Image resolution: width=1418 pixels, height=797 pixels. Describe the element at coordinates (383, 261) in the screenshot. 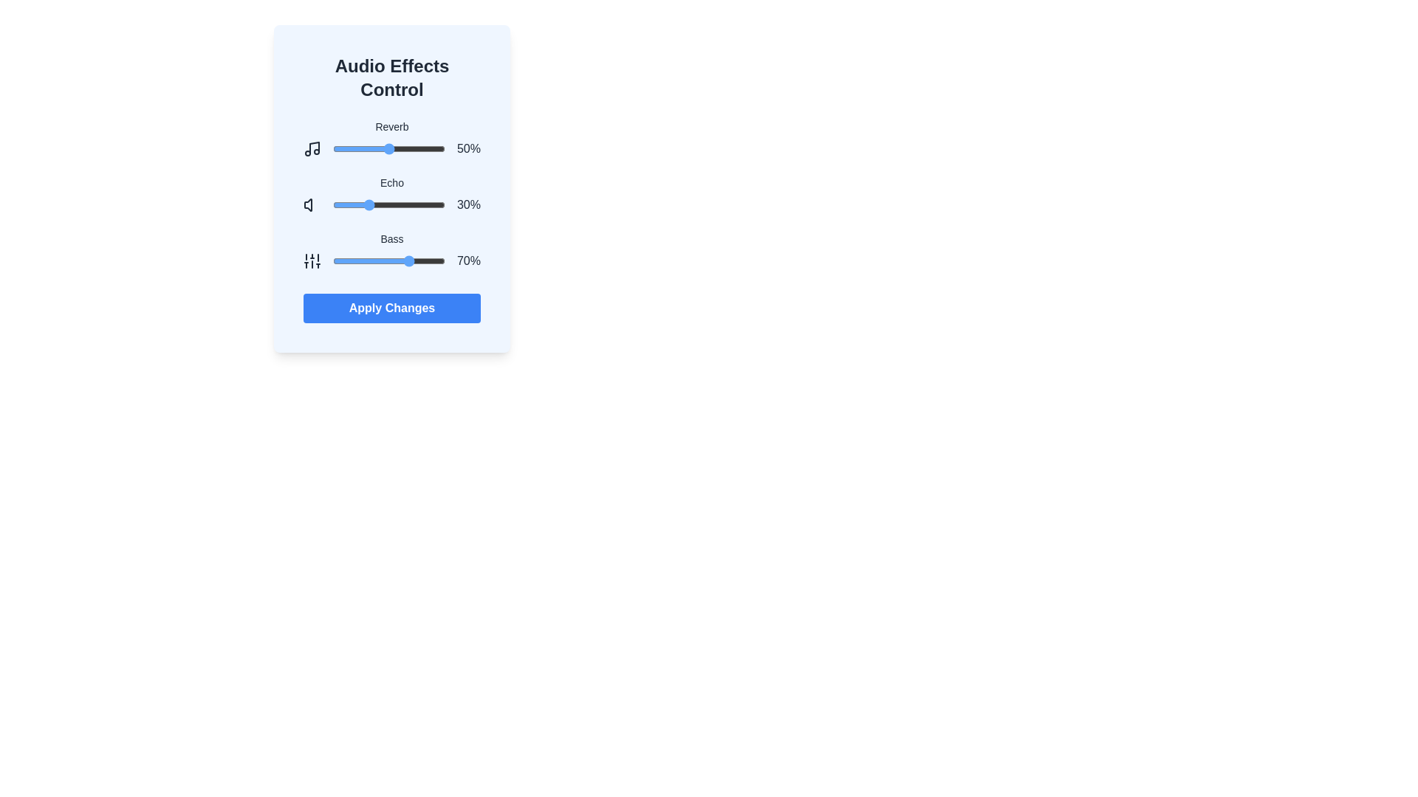

I see `the bass effect` at that location.